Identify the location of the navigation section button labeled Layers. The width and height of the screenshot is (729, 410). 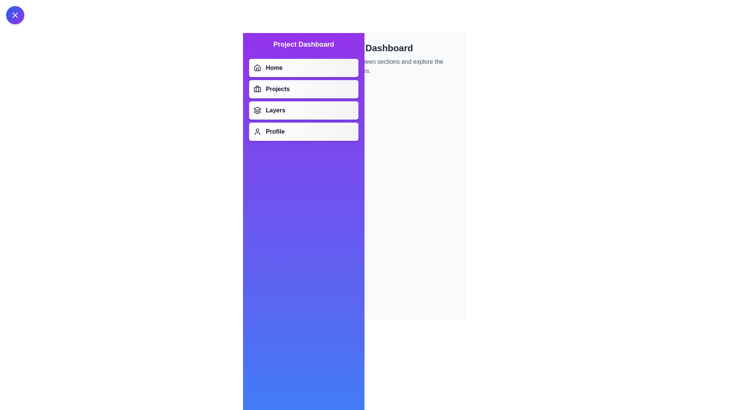
(304, 110).